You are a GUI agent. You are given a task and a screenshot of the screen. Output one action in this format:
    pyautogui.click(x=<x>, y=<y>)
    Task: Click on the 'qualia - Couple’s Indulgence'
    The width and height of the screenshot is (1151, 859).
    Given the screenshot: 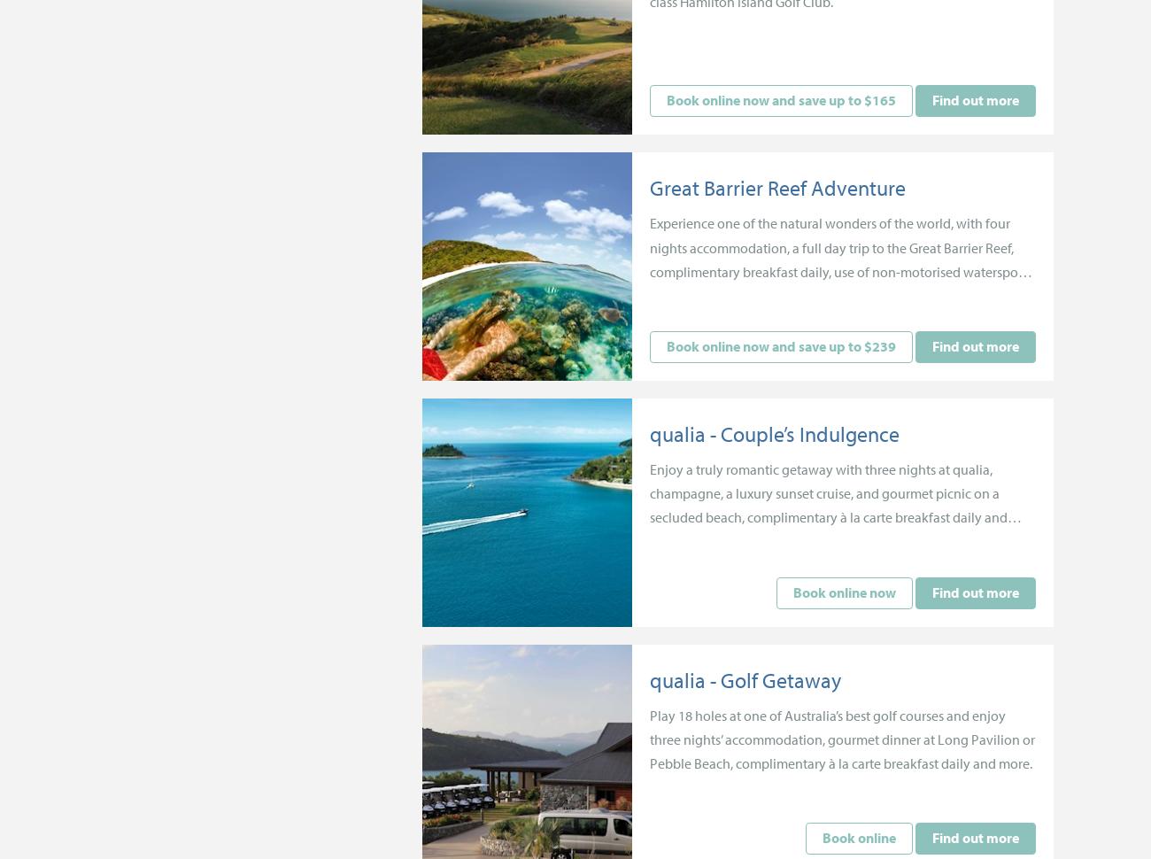 What is the action you would take?
    pyautogui.click(x=774, y=432)
    